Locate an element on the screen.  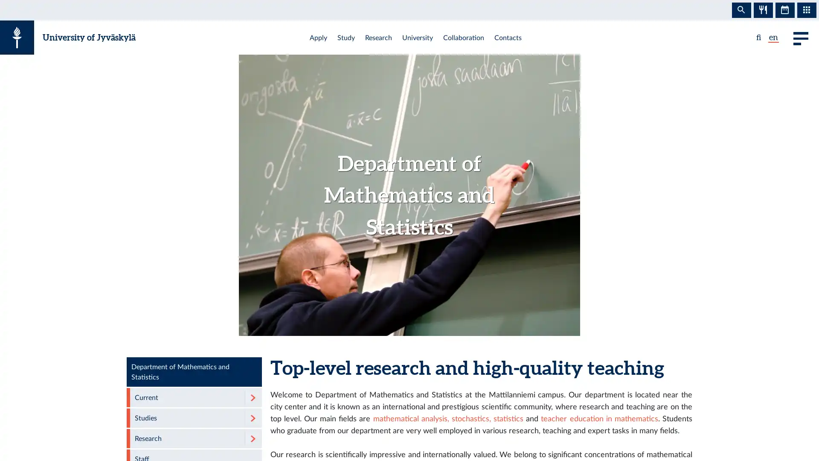
Main menu is located at coordinates (799, 38).